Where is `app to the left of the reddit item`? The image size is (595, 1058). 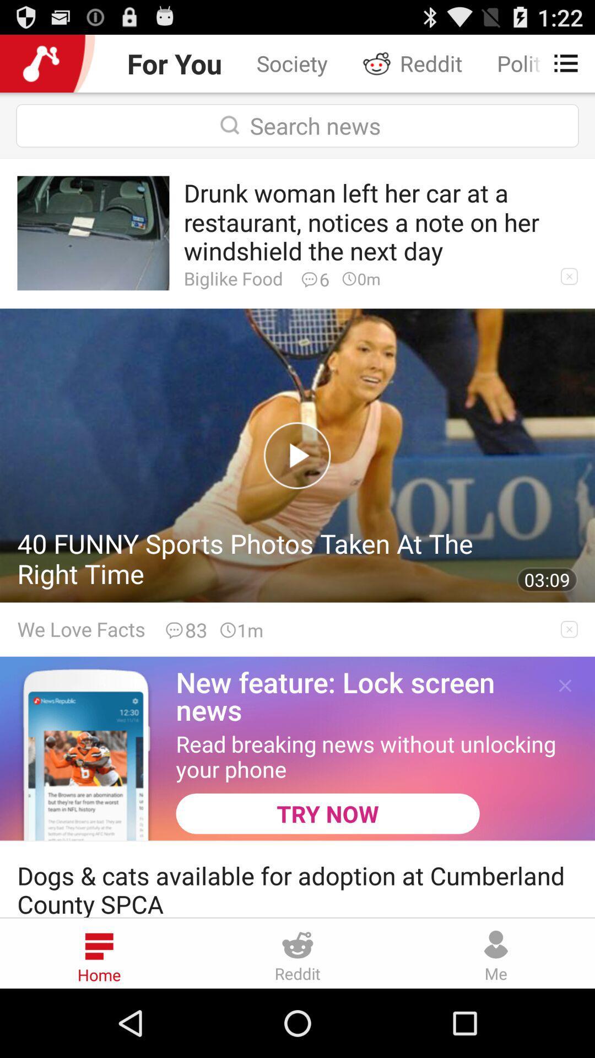
app to the left of the reddit item is located at coordinates (291, 63).